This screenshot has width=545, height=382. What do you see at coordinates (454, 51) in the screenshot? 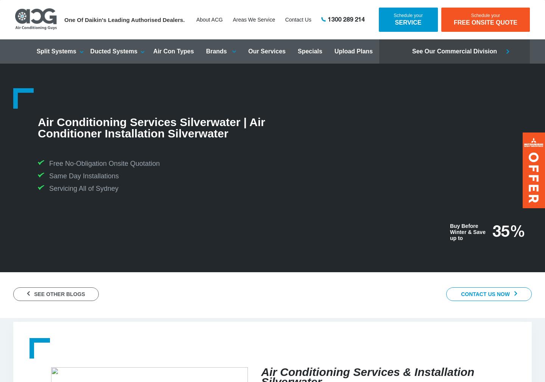
I see `'See Our Commercial Division'` at bounding box center [454, 51].